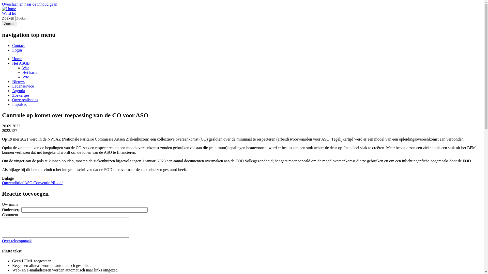 The height and width of the screenshot is (274, 488). What do you see at coordinates (30, 72) in the screenshot?
I see `'Het kartel'` at bounding box center [30, 72].